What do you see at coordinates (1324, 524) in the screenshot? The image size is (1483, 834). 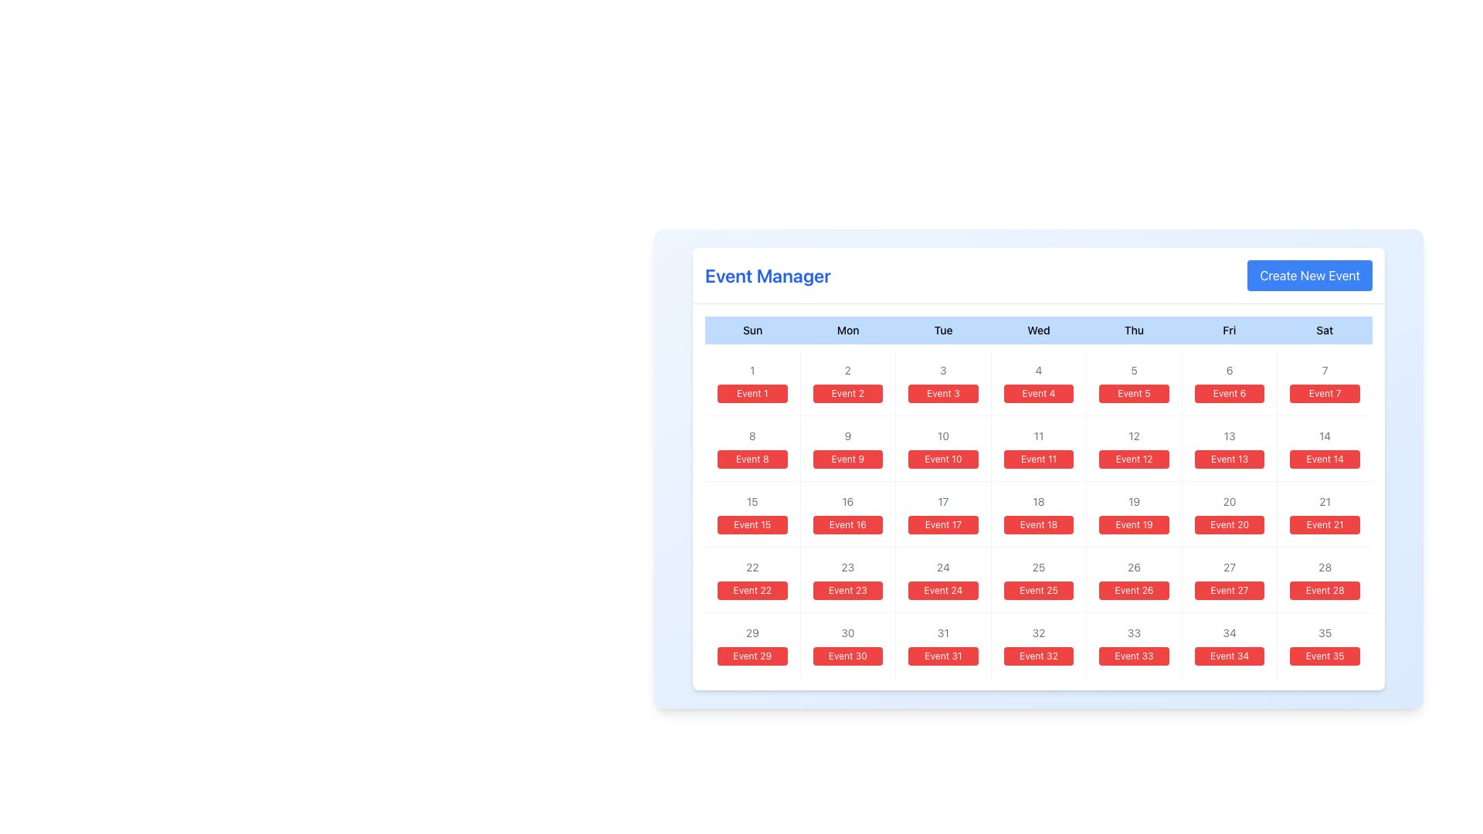 I see `the rectangular badge with rounded corners and a vibrant red background containing the text 'Event 21', located in the calendar grid under the Saturday column` at bounding box center [1324, 524].